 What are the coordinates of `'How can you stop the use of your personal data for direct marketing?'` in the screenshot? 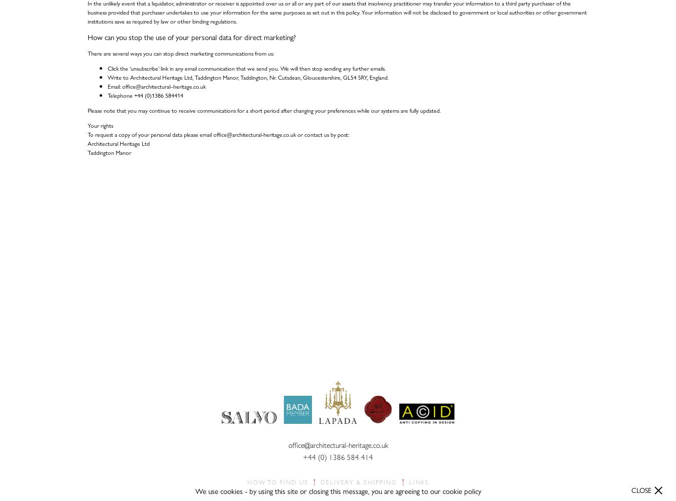 It's located at (87, 36).